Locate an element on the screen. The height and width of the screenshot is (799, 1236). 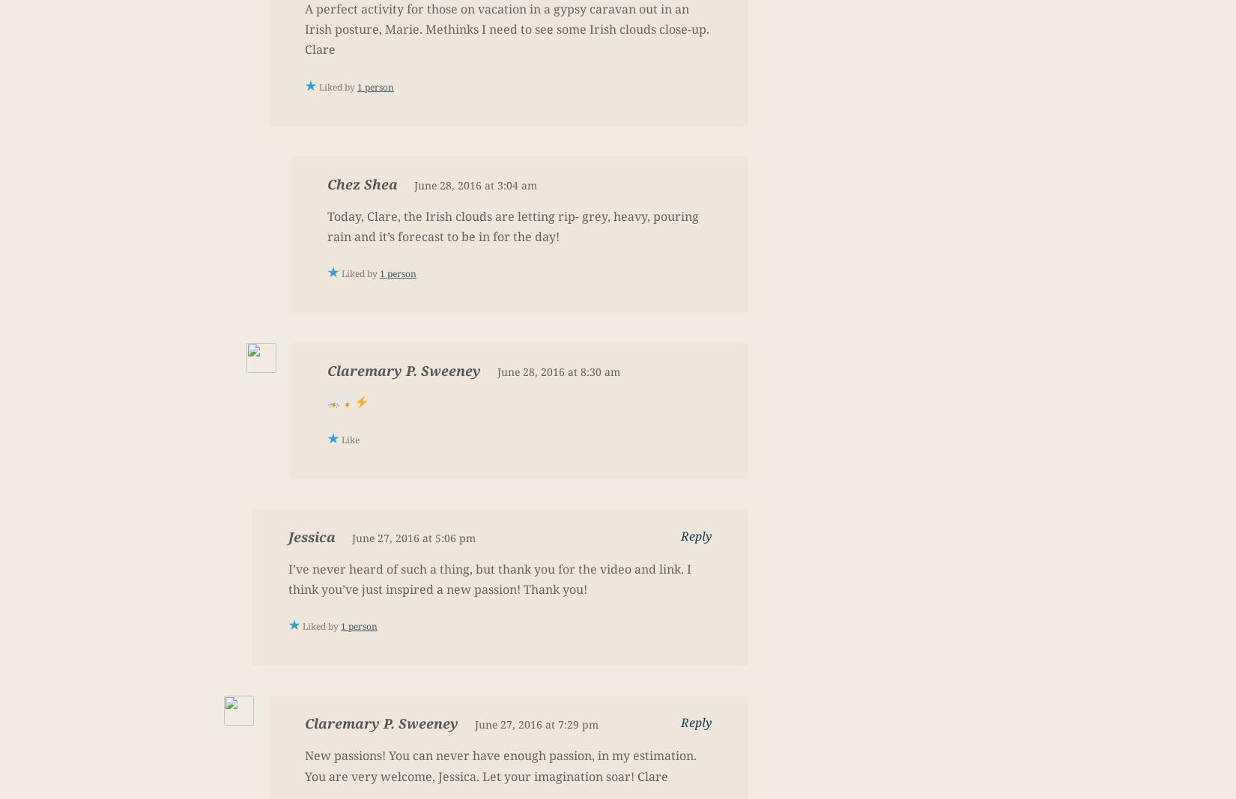
'Like' is located at coordinates (349, 440).